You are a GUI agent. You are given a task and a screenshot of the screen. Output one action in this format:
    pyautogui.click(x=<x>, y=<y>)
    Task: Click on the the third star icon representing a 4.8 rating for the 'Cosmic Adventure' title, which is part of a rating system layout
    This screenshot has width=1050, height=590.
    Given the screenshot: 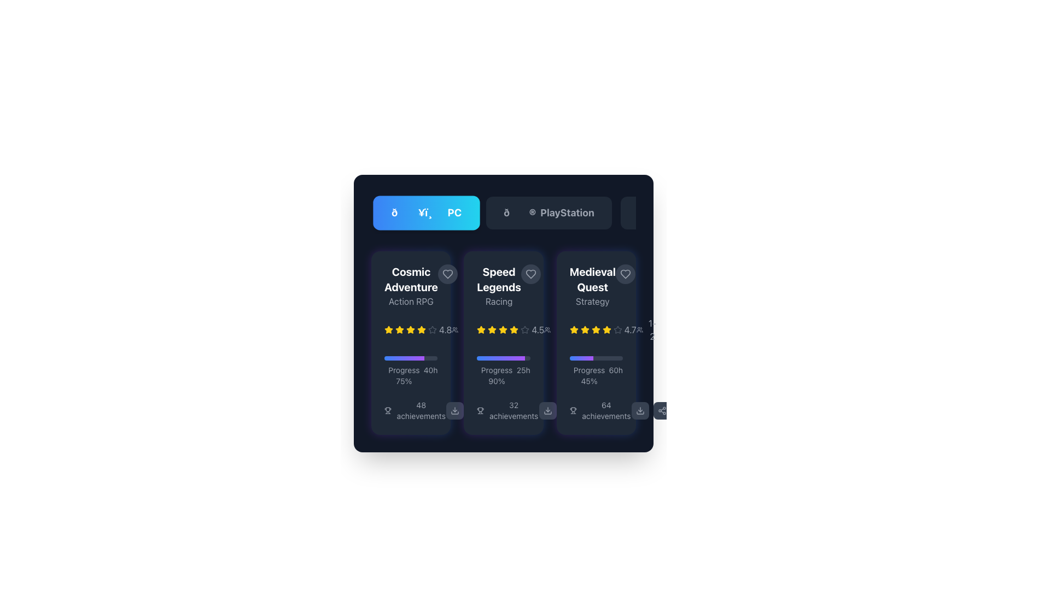 What is the action you would take?
    pyautogui.click(x=399, y=329)
    